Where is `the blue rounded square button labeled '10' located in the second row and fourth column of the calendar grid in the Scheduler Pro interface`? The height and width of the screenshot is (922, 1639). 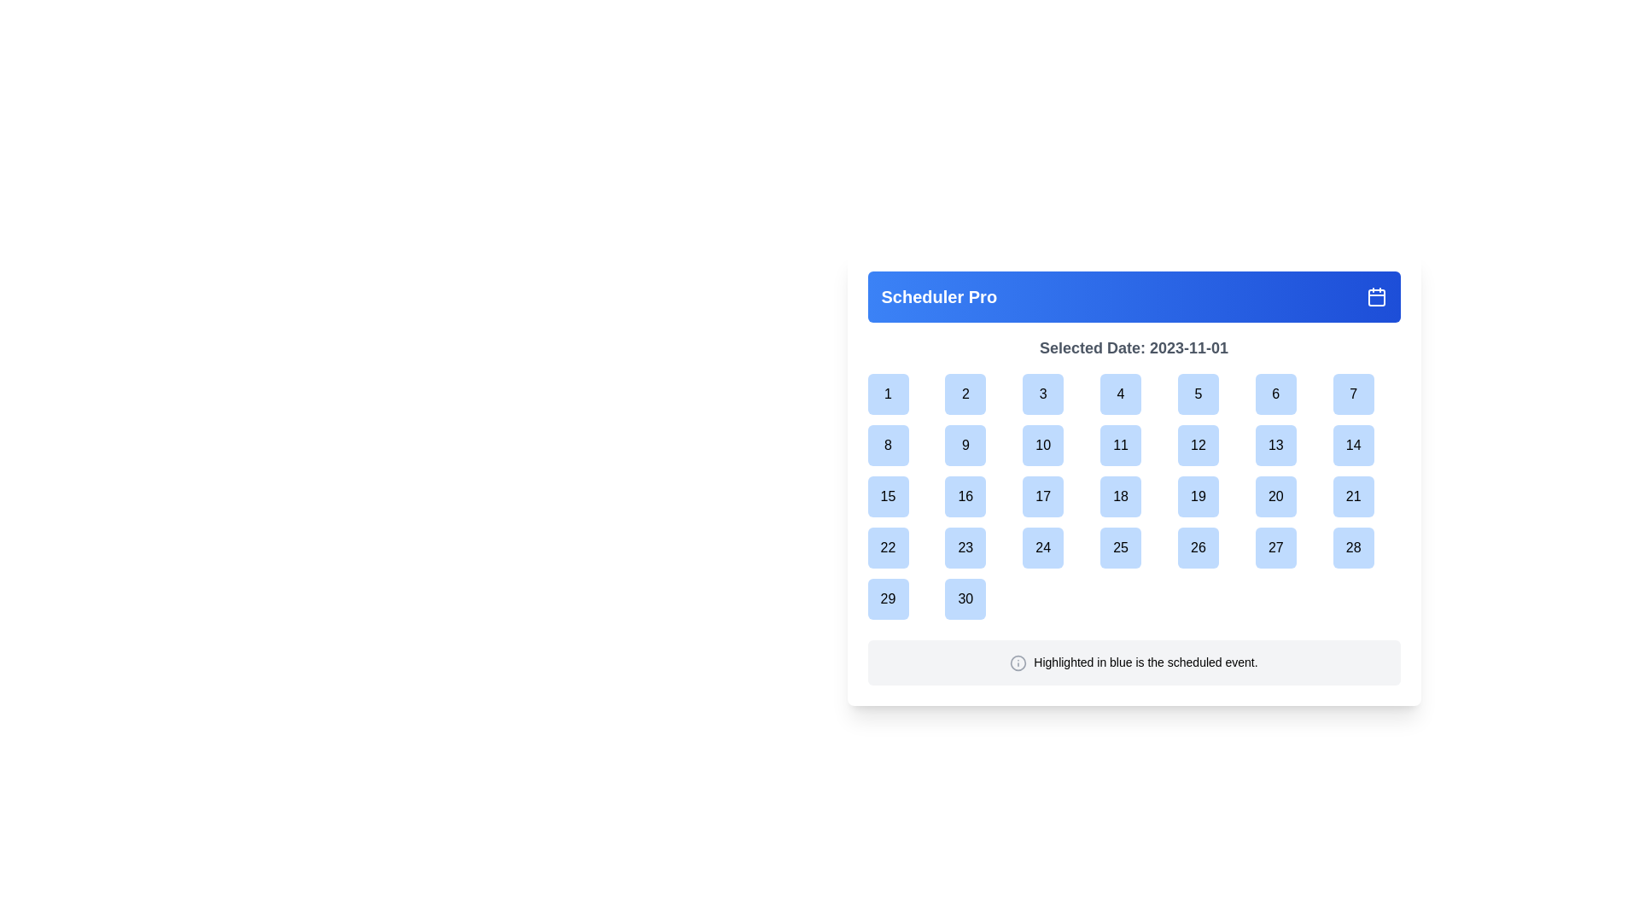
the blue rounded square button labeled '10' located in the second row and fourth column of the calendar grid in the Scheduler Pro interface is located at coordinates (1055, 444).